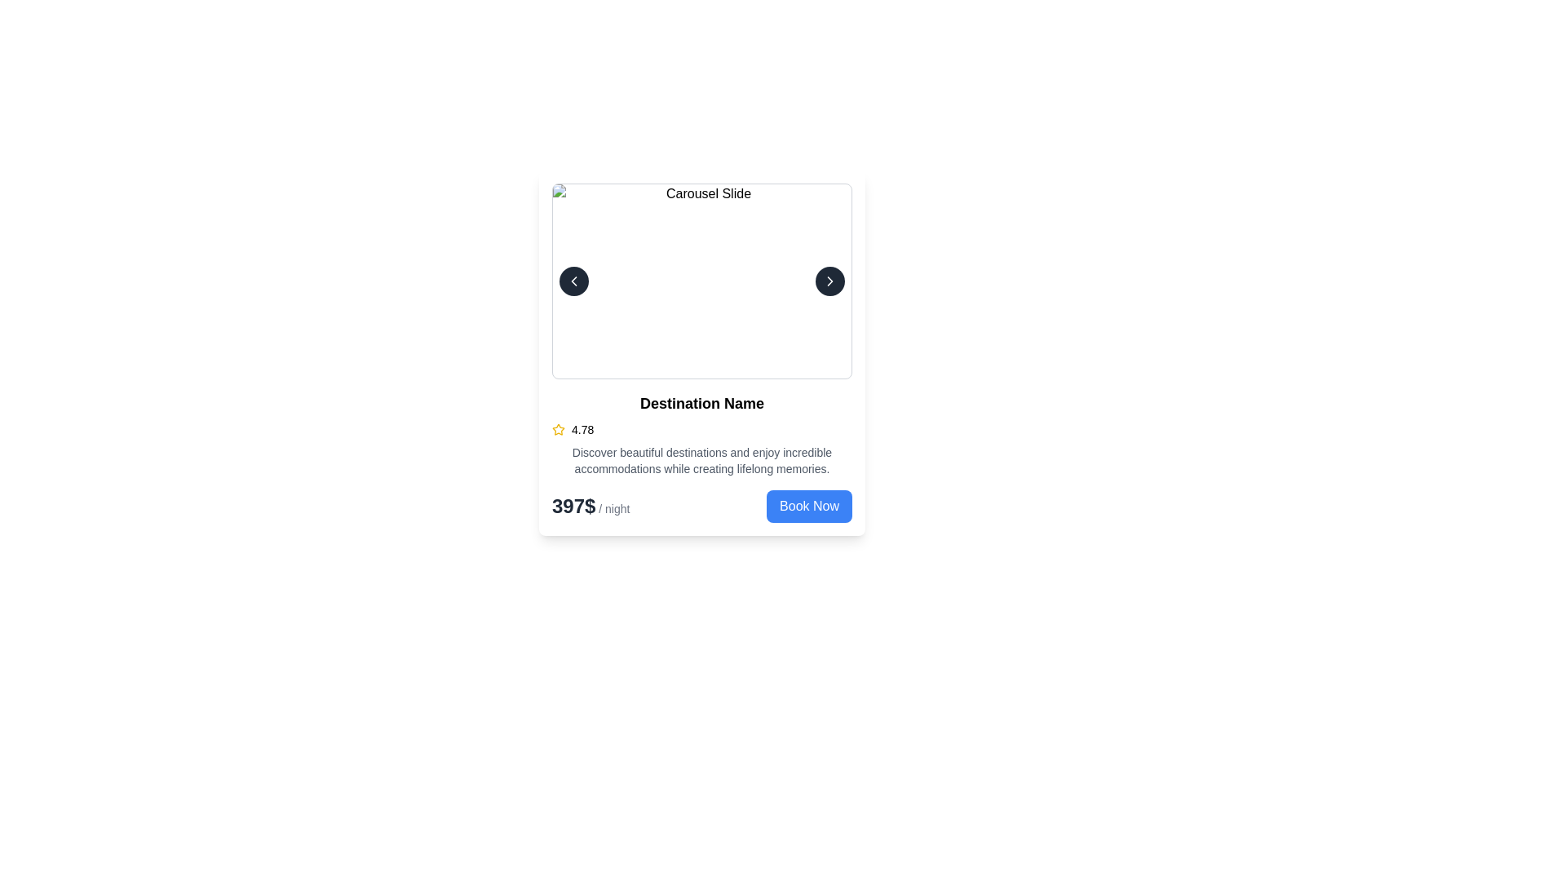  What do you see at coordinates (574, 280) in the screenshot?
I see `the left arrow icon within the circular button in the left-side navigation of the carousel` at bounding box center [574, 280].